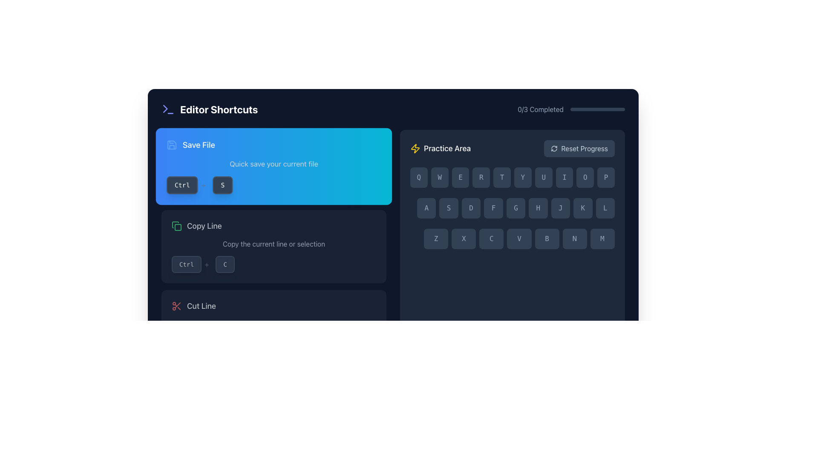 Image resolution: width=818 pixels, height=460 pixels. I want to click on the square button with rounded corners, dark slate background, and light slate text labeled 'M' to input the character 'M', so click(602, 239).